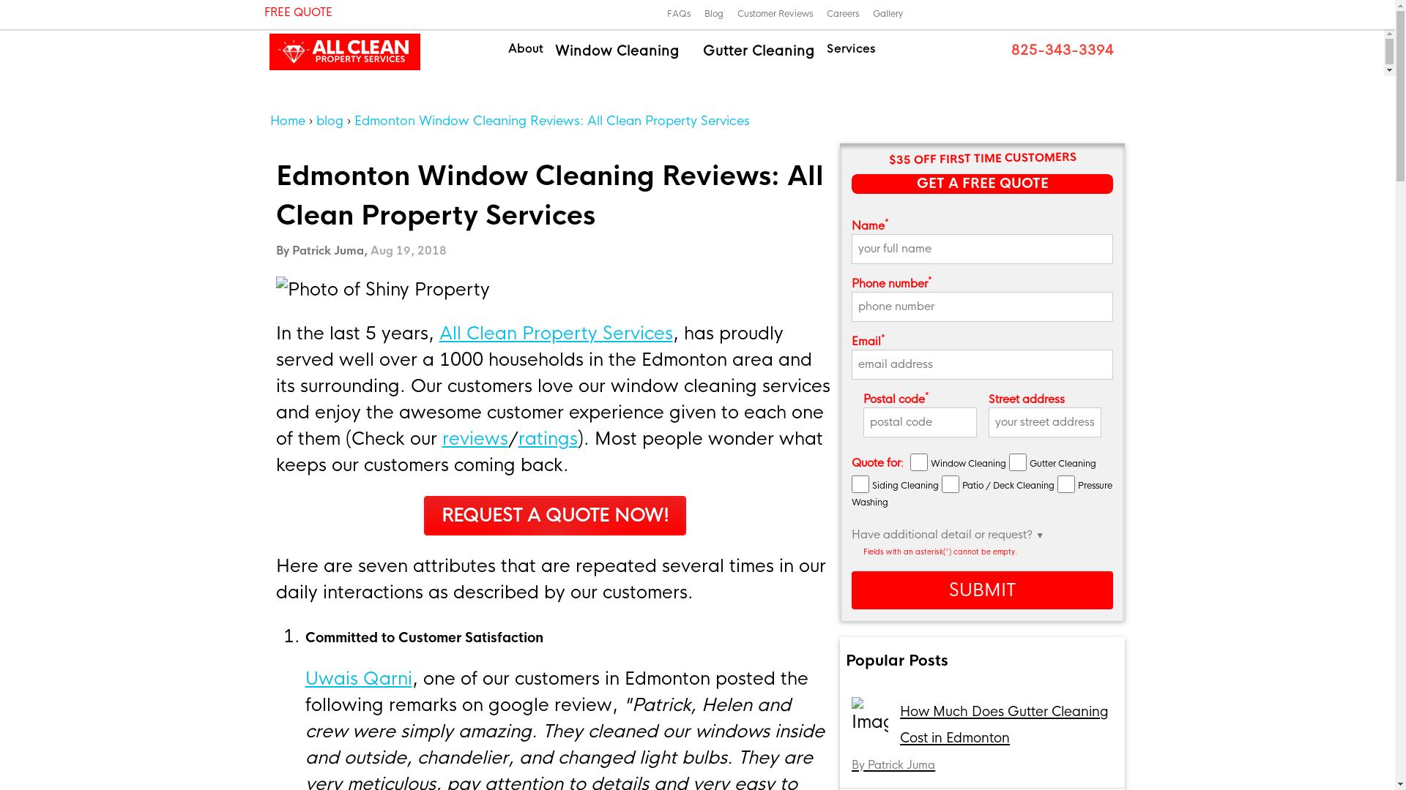 Image resolution: width=1406 pixels, height=790 pixels. I want to click on 'FAQs', so click(677, 14).